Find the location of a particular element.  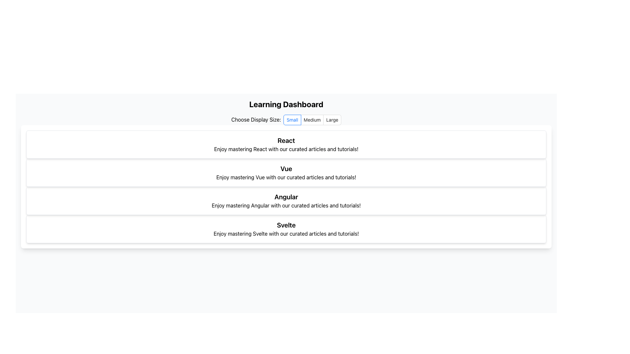

the text label displaying 'Vue', which is the prominent header of a section dedicated to Vue-related content is located at coordinates (286, 168).